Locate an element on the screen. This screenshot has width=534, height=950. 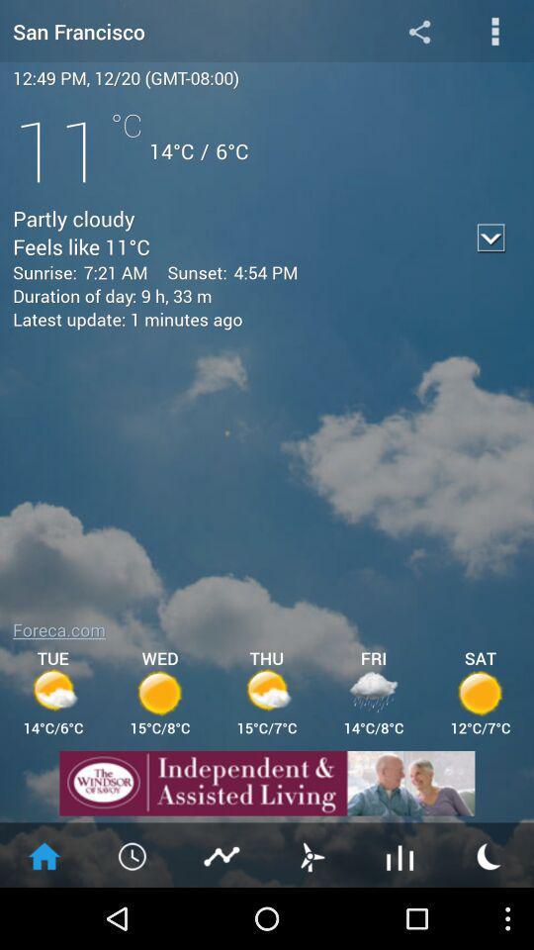
home page is located at coordinates (44, 854).